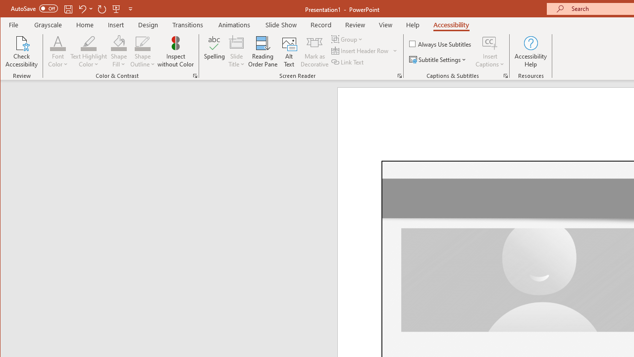 The width and height of the screenshot is (634, 357). What do you see at coordinates (142, 52) in the screenshot?
I see `'Shape Outline'` at bounding box center [142, 52].